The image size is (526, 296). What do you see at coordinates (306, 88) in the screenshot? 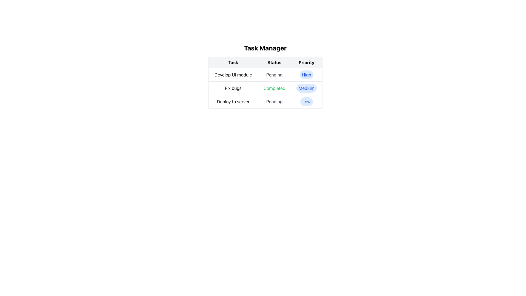
I see `the 'Medium' priority label/button located in the 'Priority' column of the second row in the 'Task Manager' table to interact with it` at bounding box center [306, 88].